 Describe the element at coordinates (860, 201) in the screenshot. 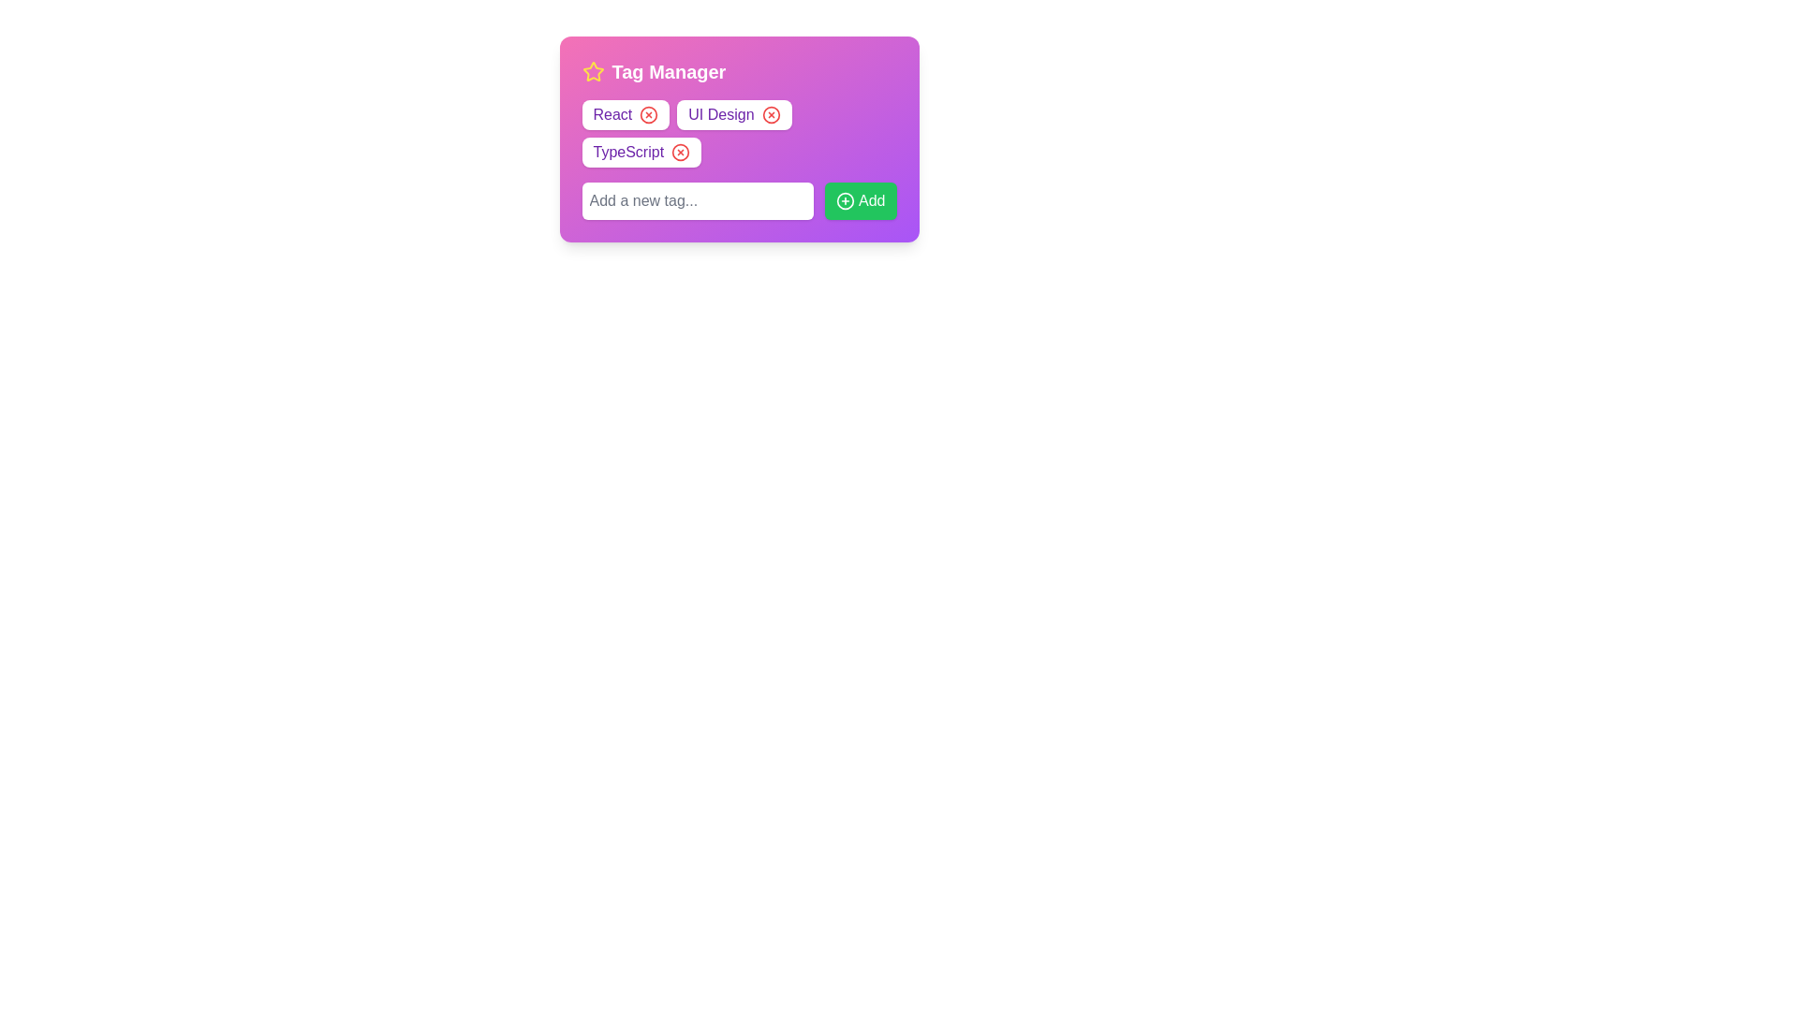

I see `the green 'Add' button located at the bottom right corner of the group, adjacent to the input box labeled 'Add a new tag...'` at that location.